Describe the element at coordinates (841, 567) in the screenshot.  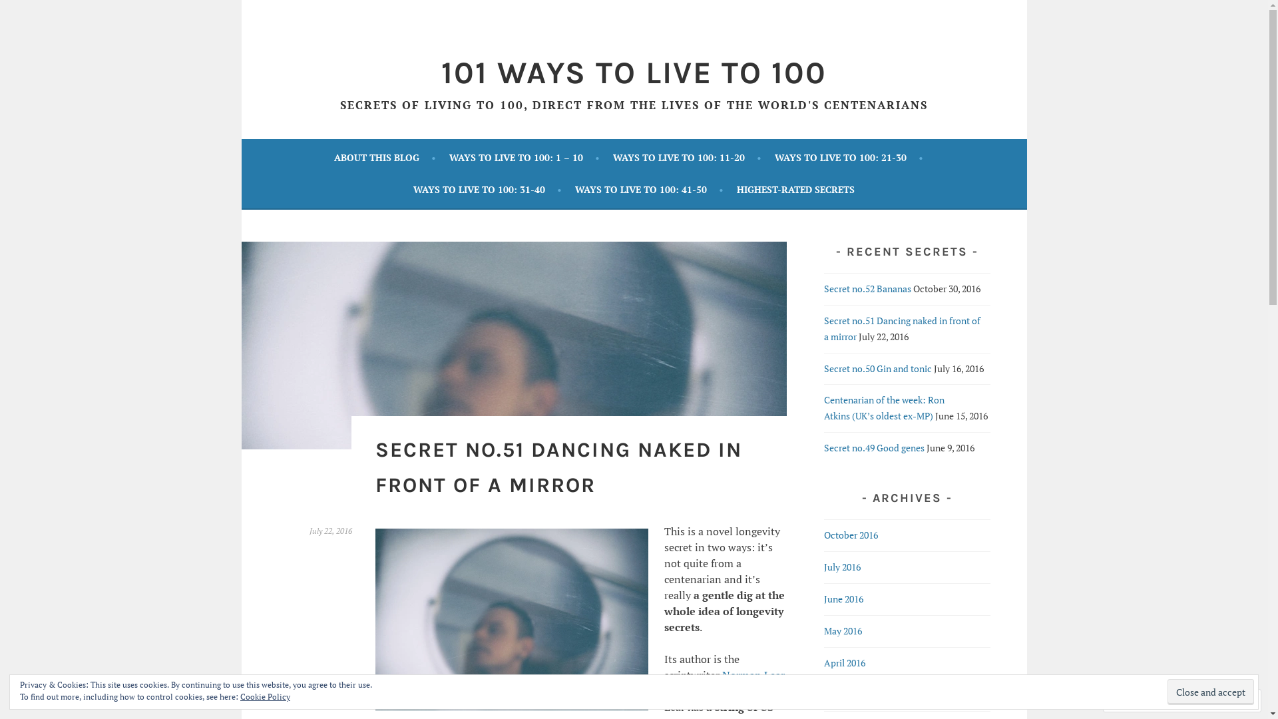
I see `'July 2016'` at that location.